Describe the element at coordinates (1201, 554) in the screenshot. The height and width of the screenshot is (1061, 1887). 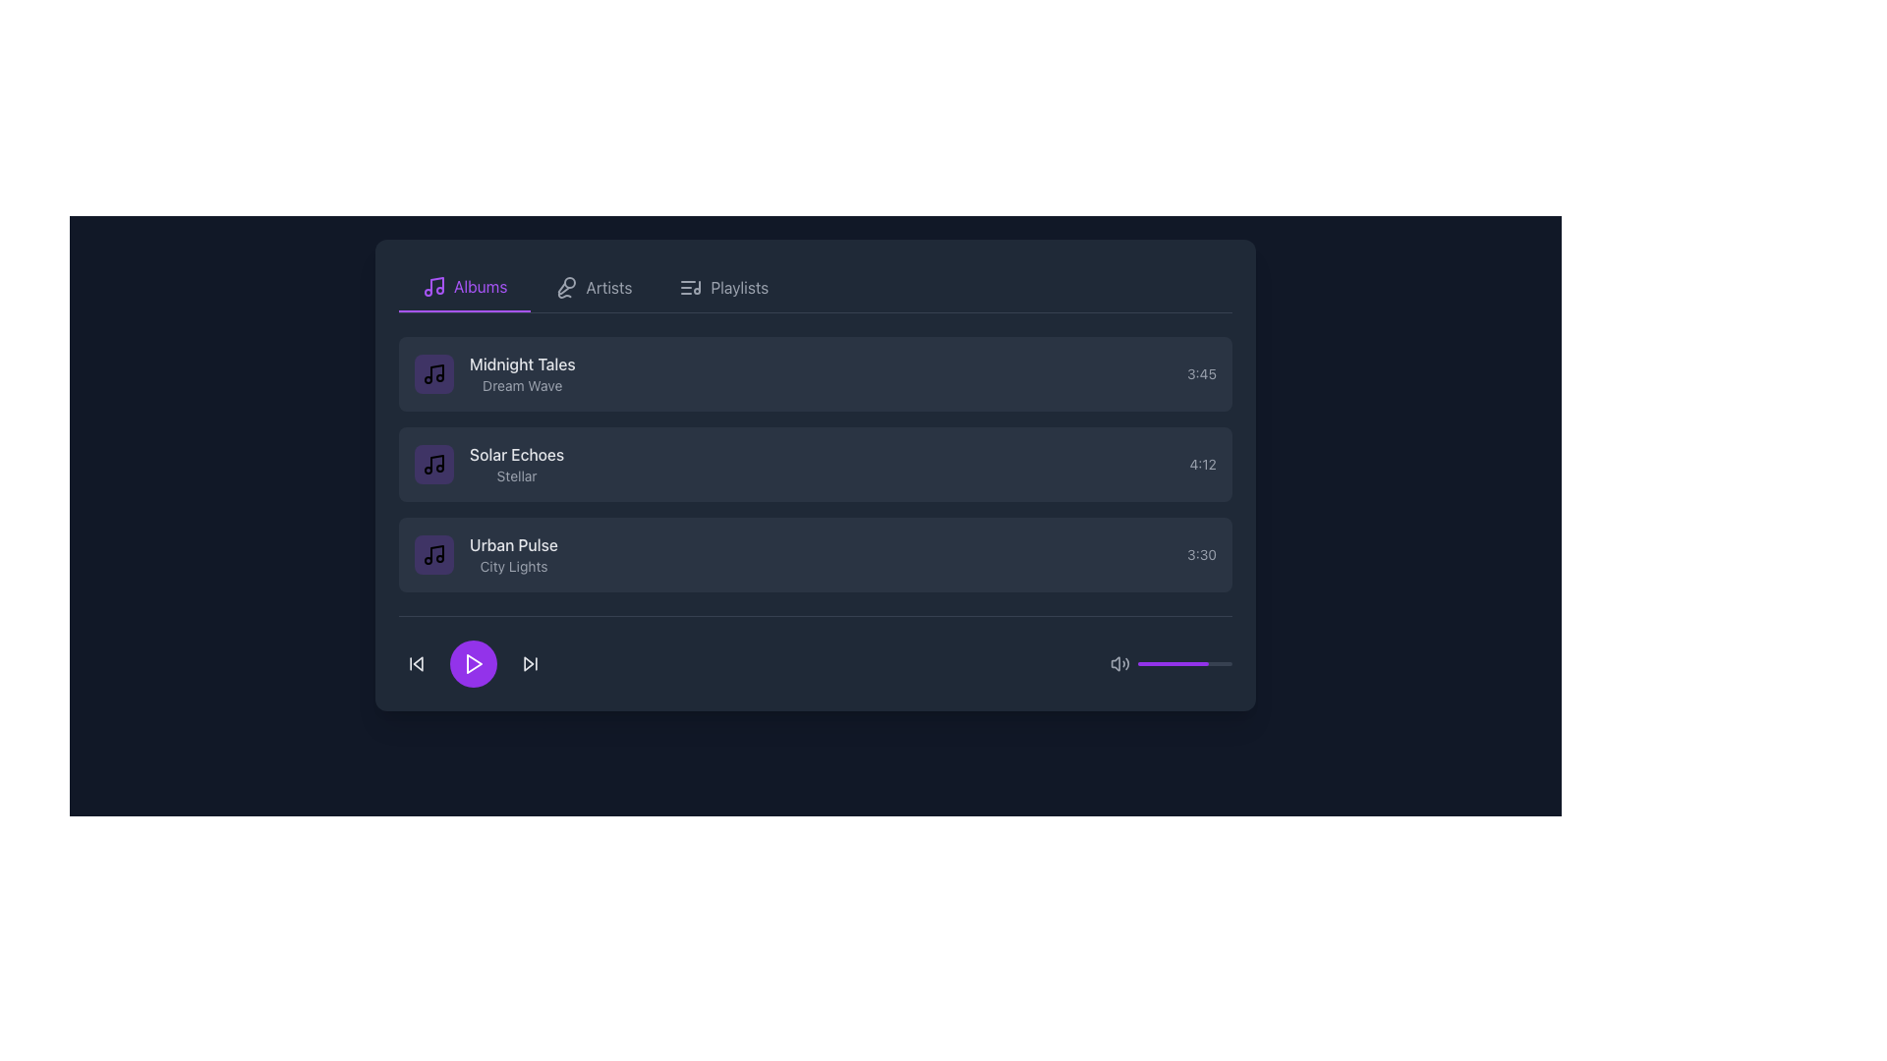
I see `displayed time duration of the song 'Urban Pulse' which is located at the bottom-right of the card in the third position of the list` at that location.